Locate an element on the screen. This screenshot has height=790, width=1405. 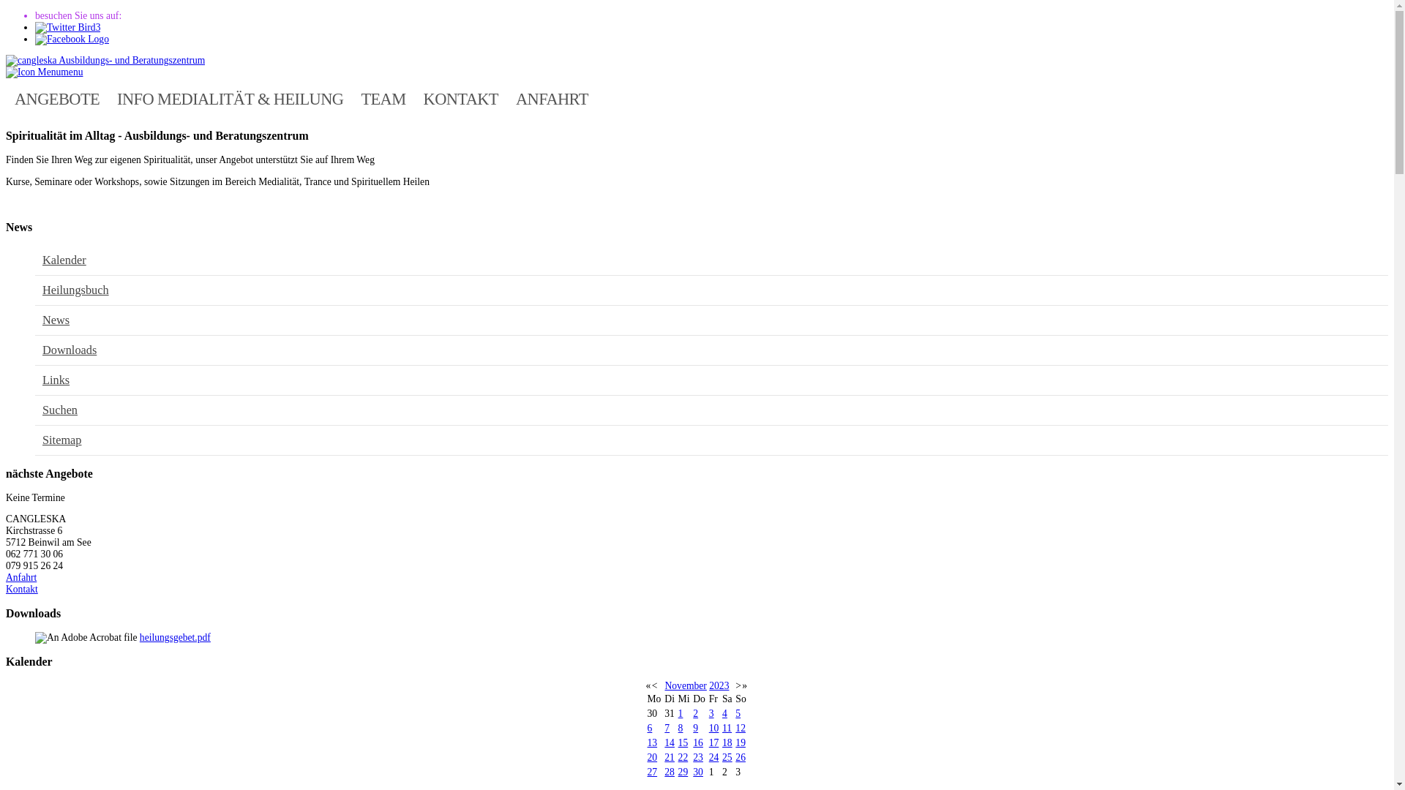
'2023' is located at coordinates (719, 685).